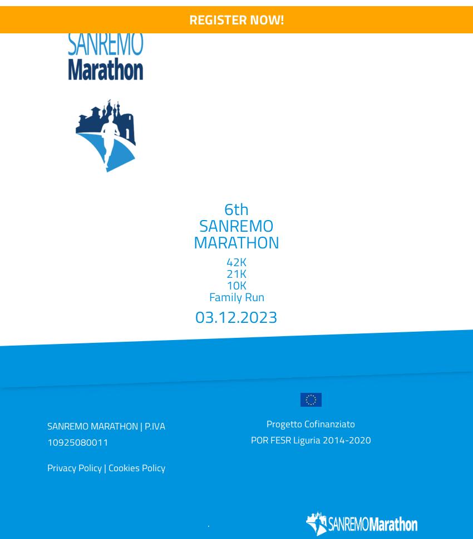  What do you see at coordinates (311, 423) in the screenshot?
I see `'Progetto Cofinanziato'` at bounding box center [311, 423].